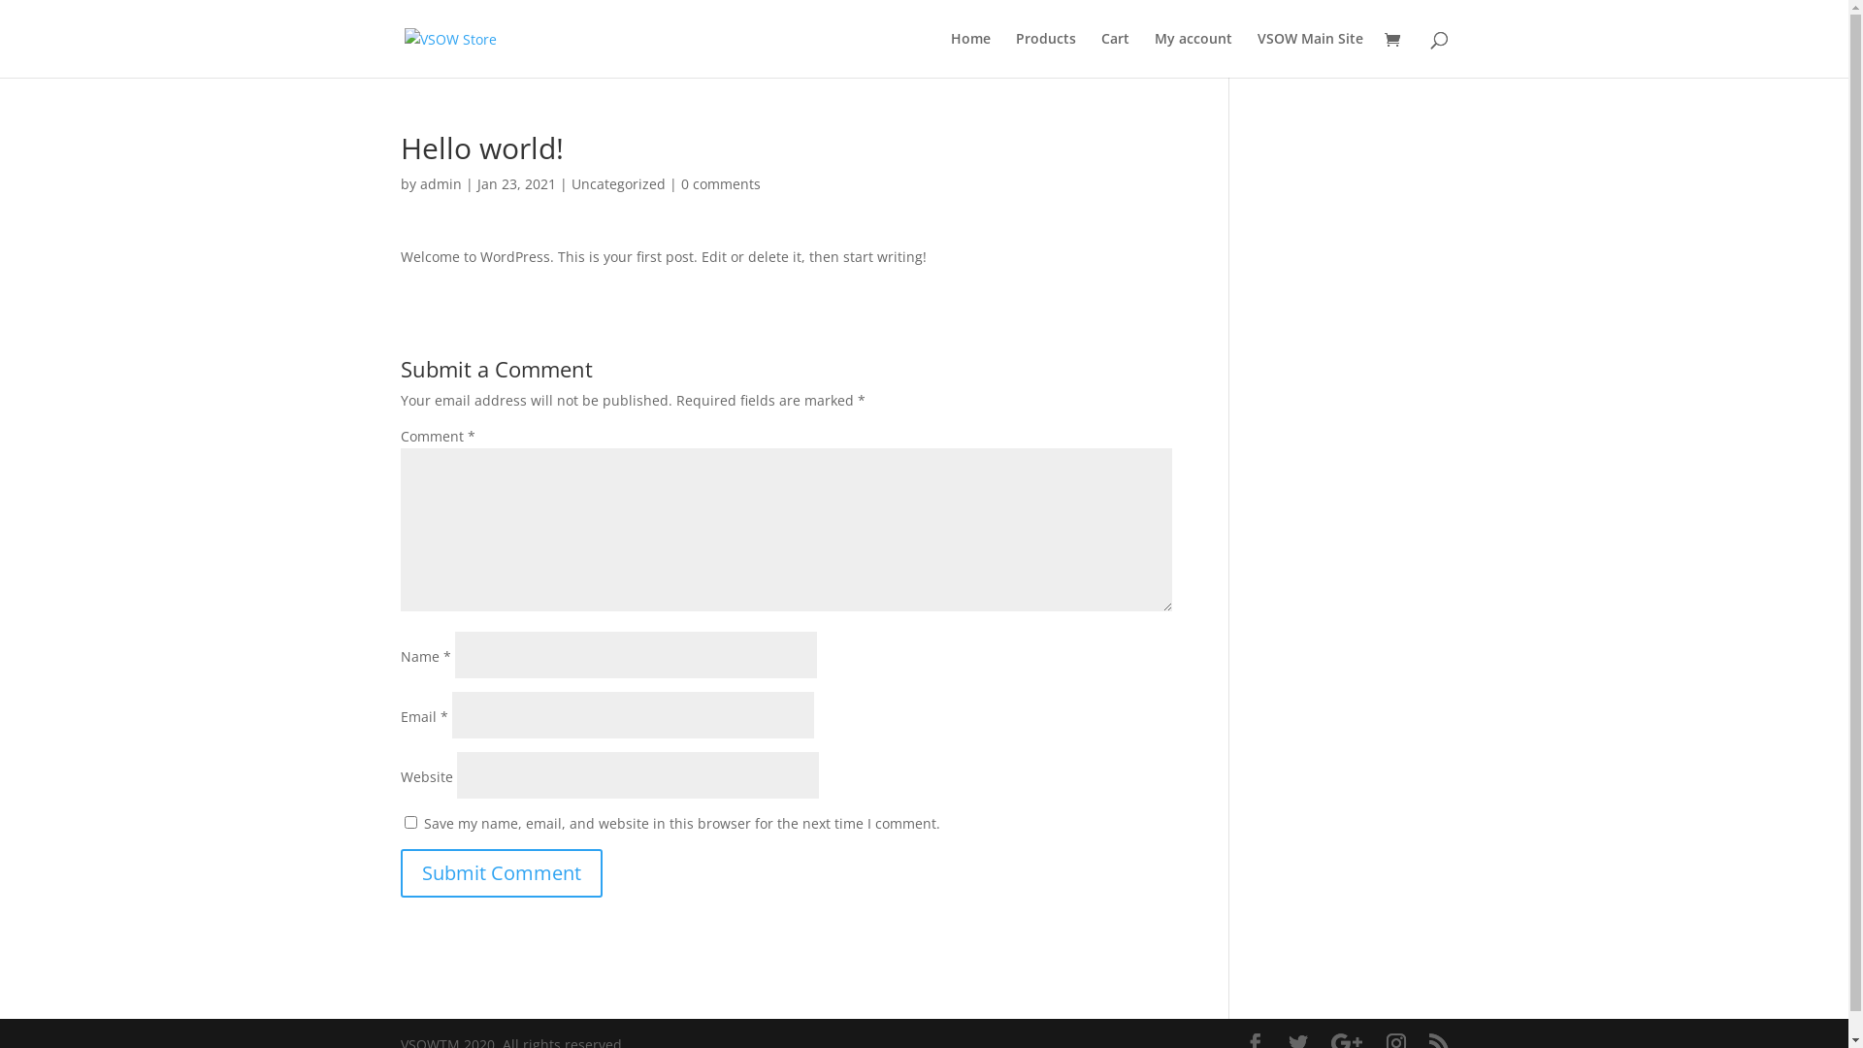  I want to click on 'admin', so click(439, 183).